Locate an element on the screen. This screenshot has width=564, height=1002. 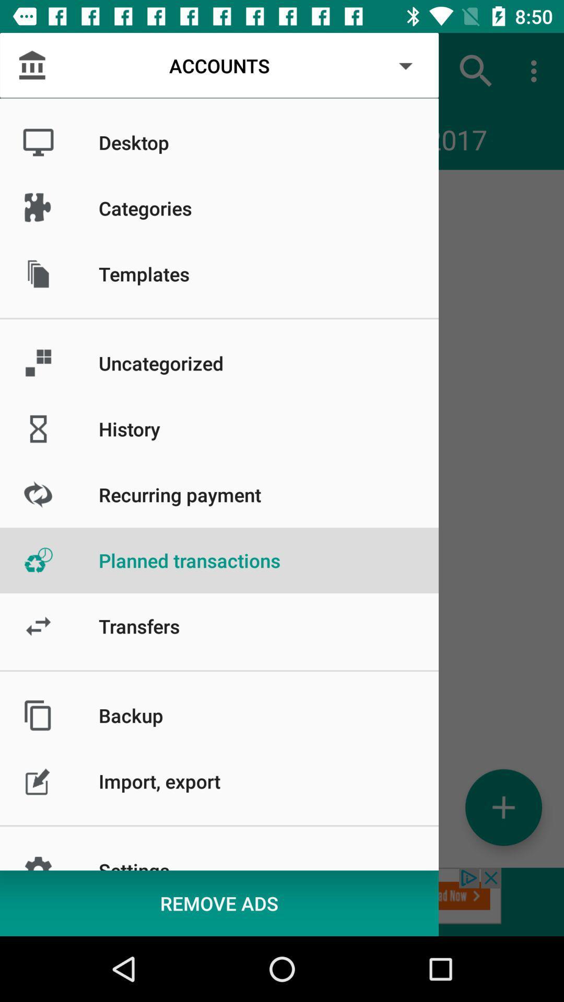
remove advertisements is located at coordinates (282, 901).